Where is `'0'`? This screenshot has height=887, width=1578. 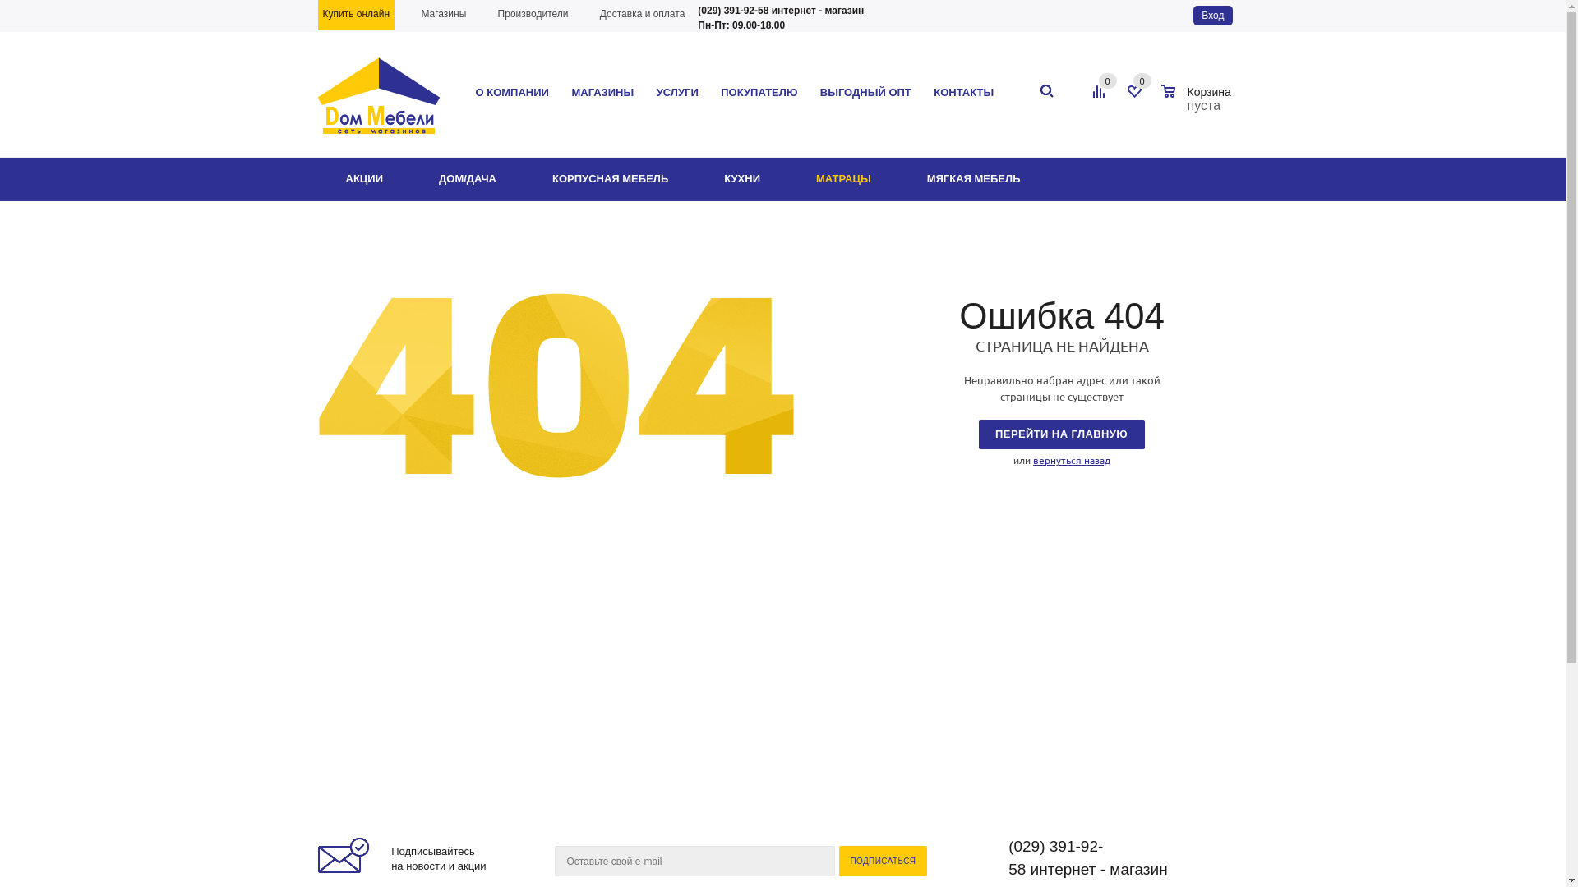
'0' is located at coordinates (1097, 80).